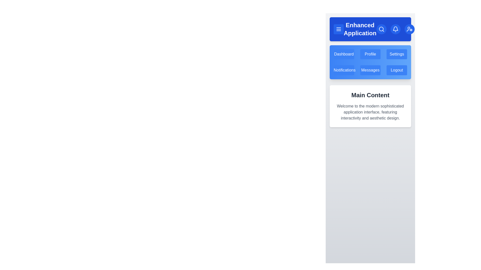 The width and height of the screenshot is (481, 270). Describe the element at coordinates (370, 70) in the screenshot. I see `the menu item Messages` at that location.